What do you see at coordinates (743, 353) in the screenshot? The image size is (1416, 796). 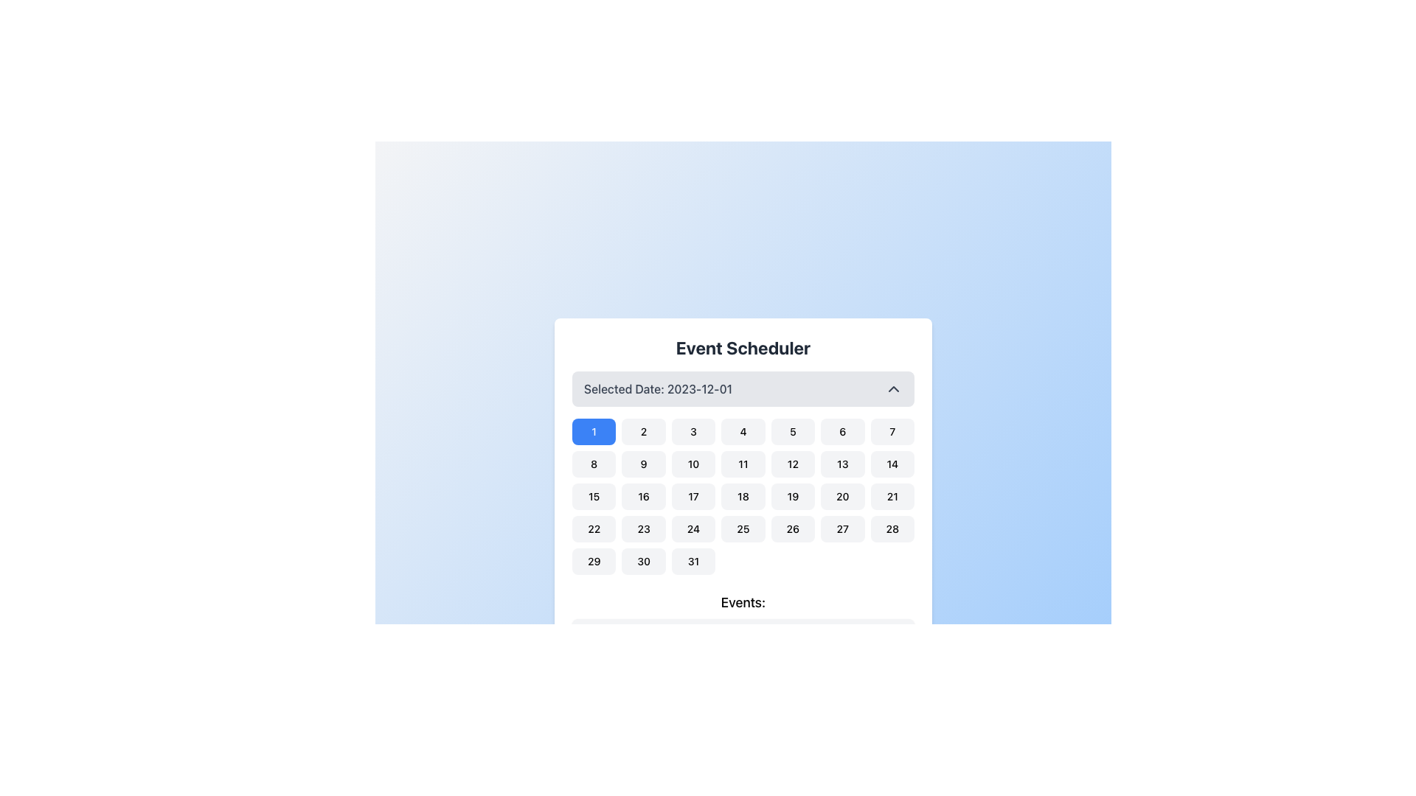 I see `the centered heading Text Label that displays 'Event Scheduler', which is bold and large-sized in dark gray (#4A4A4A)` at bounding box center [743, 353].